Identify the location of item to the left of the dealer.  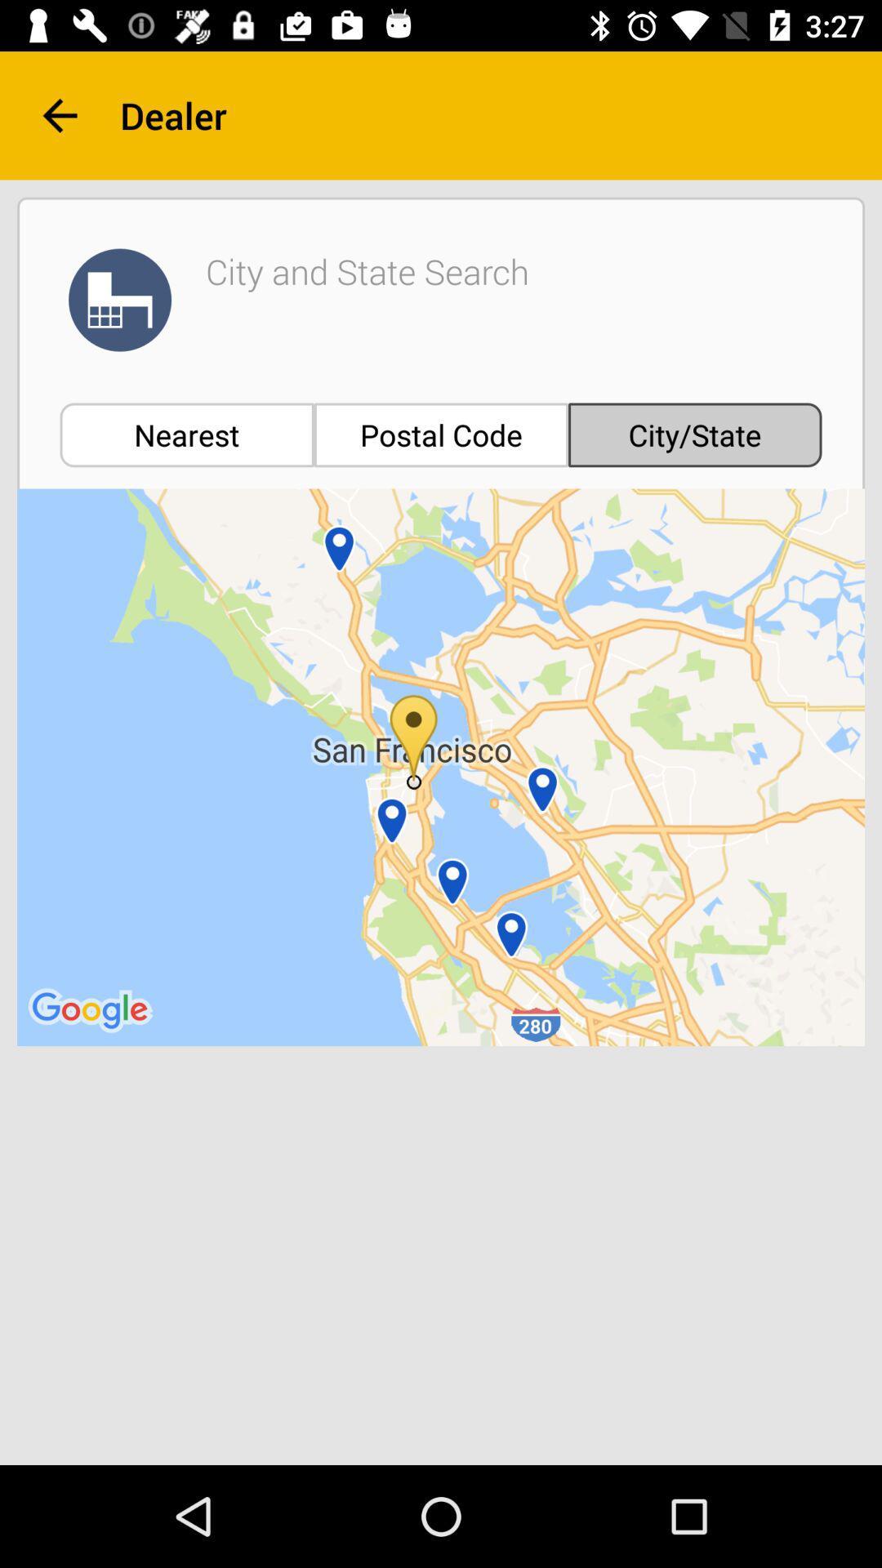
(59, 114).